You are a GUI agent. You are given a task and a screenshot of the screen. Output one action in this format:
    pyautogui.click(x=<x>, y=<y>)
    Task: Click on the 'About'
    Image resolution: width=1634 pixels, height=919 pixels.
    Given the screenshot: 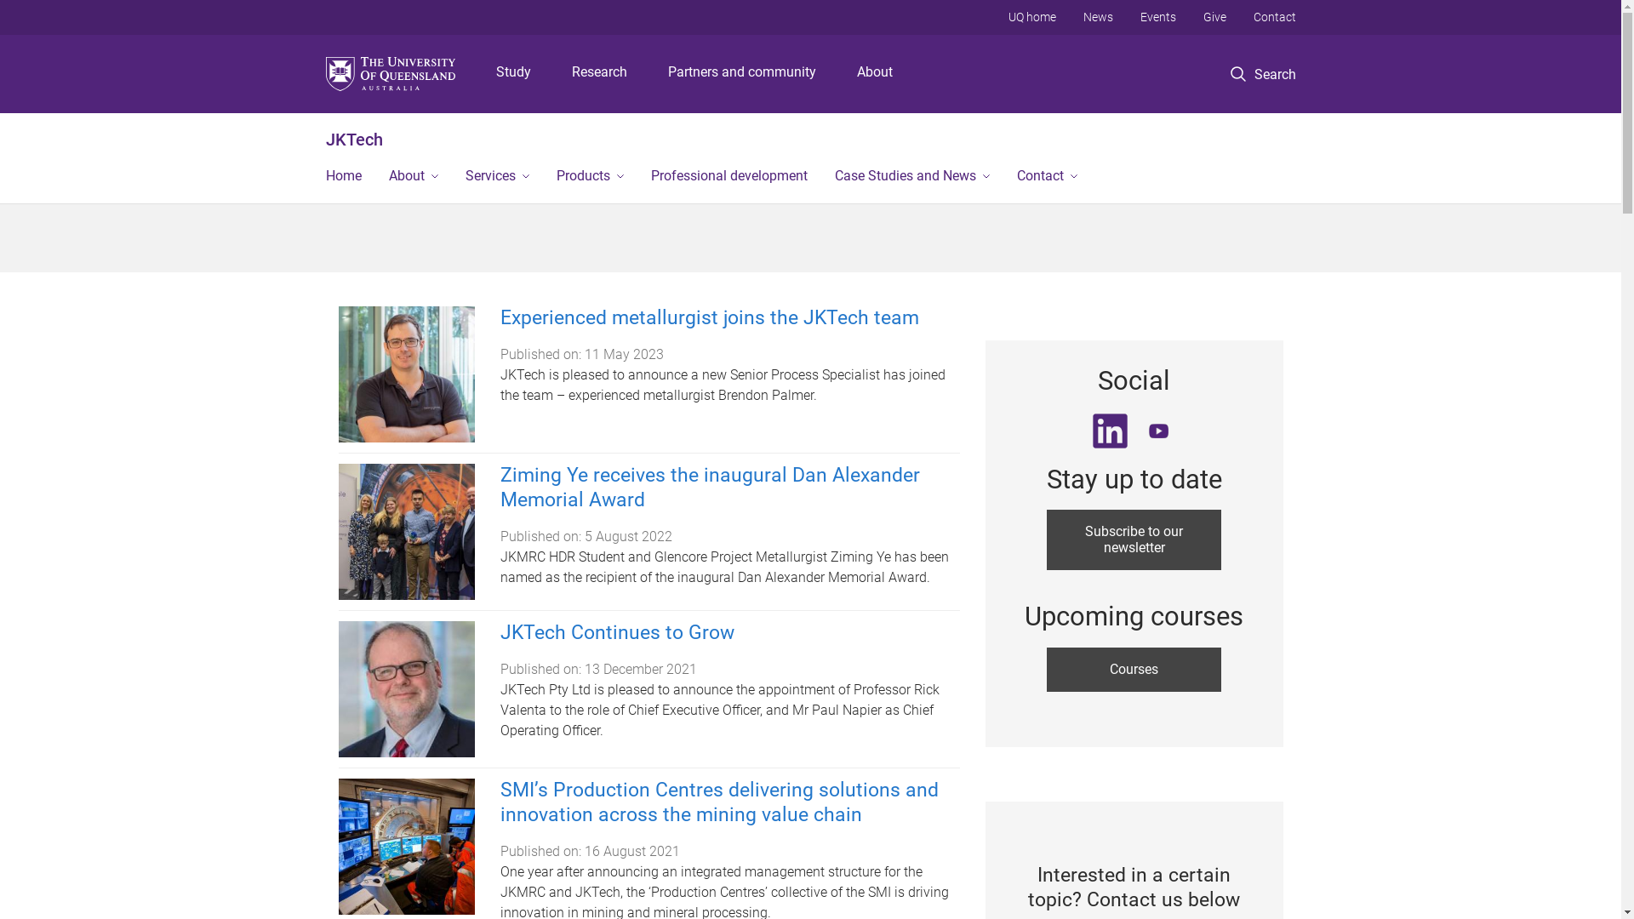 What is the action you would take?
    pyautogui.click(x=874, y=73)
    